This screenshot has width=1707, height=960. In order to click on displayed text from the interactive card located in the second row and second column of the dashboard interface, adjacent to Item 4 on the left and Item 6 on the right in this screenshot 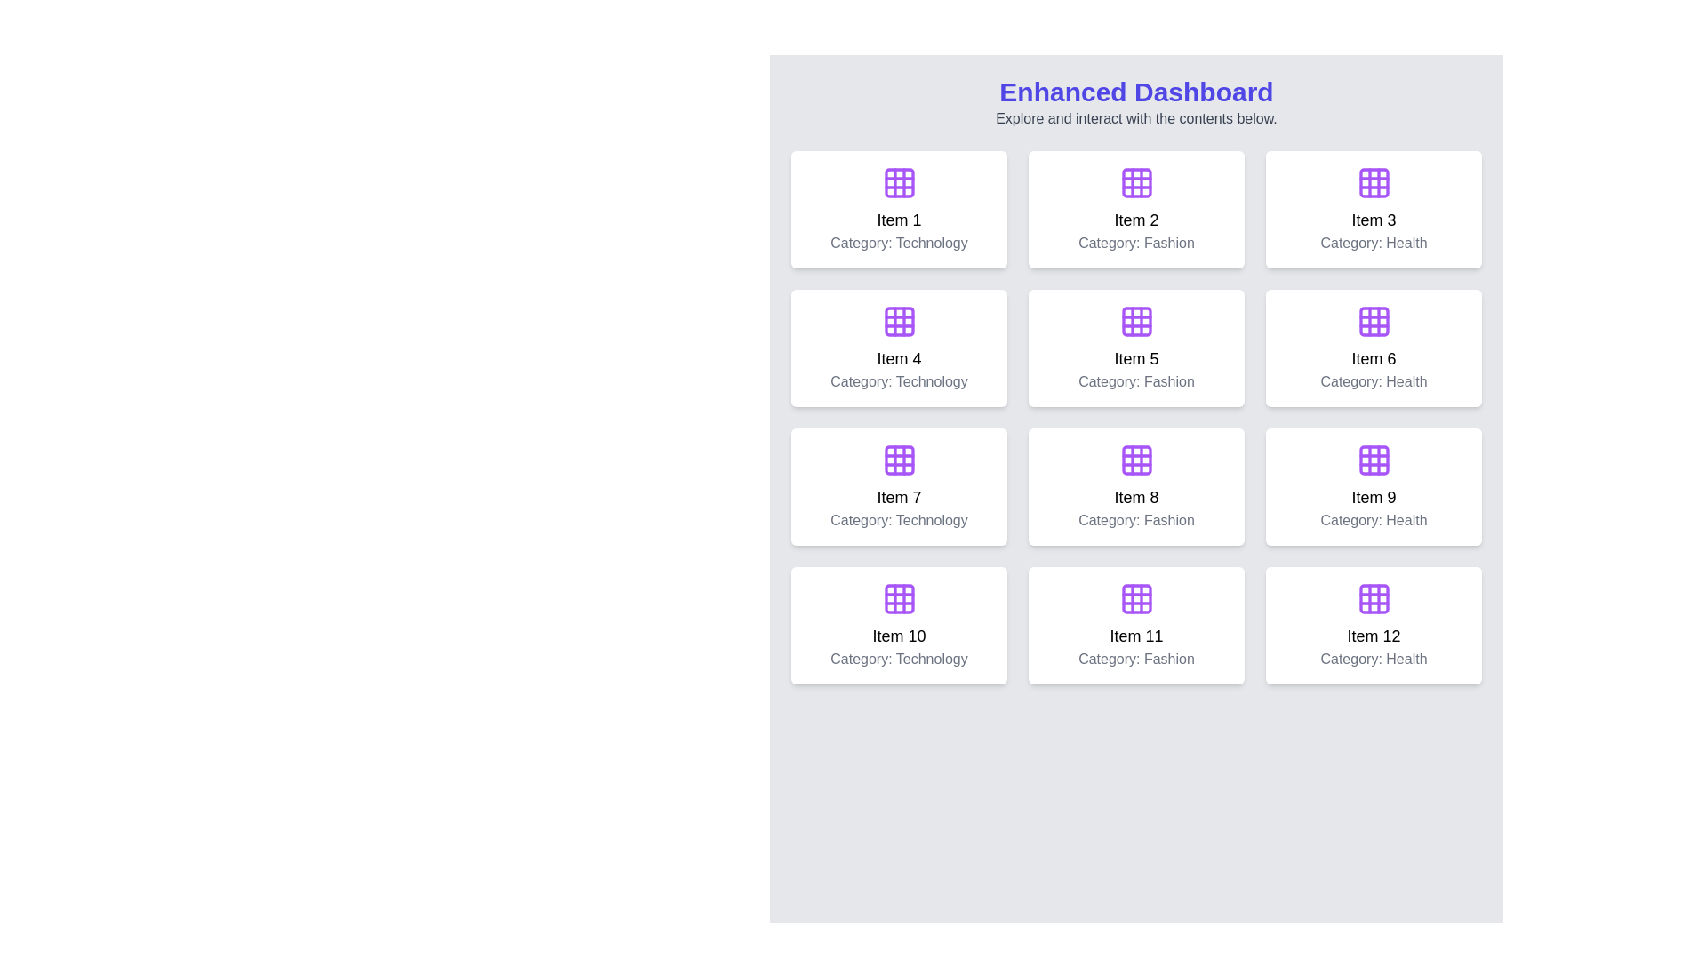, I will do `click(1135, 348)`.